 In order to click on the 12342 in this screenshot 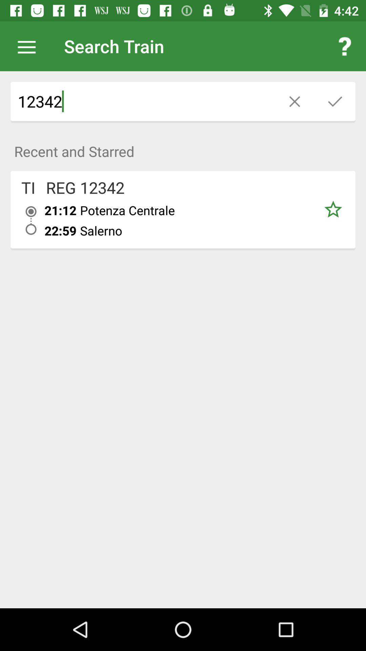, I will do `click(142, 101)`.